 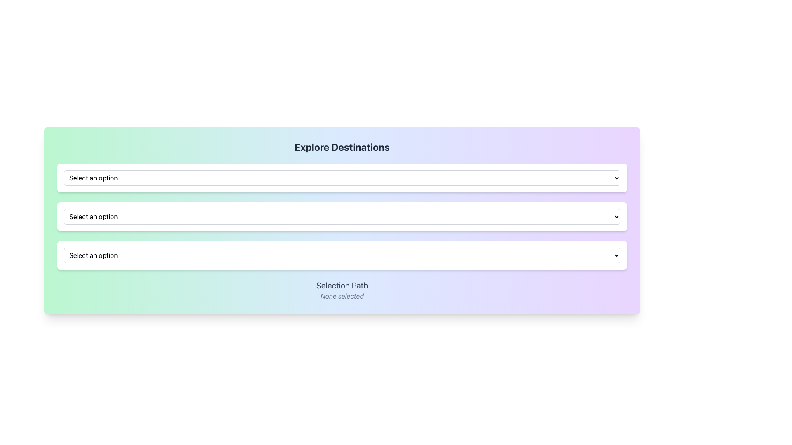 I want to click on the dropdown menu styled with a white background and rounded border, located within the 'Explore Destinations' panel, so click(x=342, y=178).